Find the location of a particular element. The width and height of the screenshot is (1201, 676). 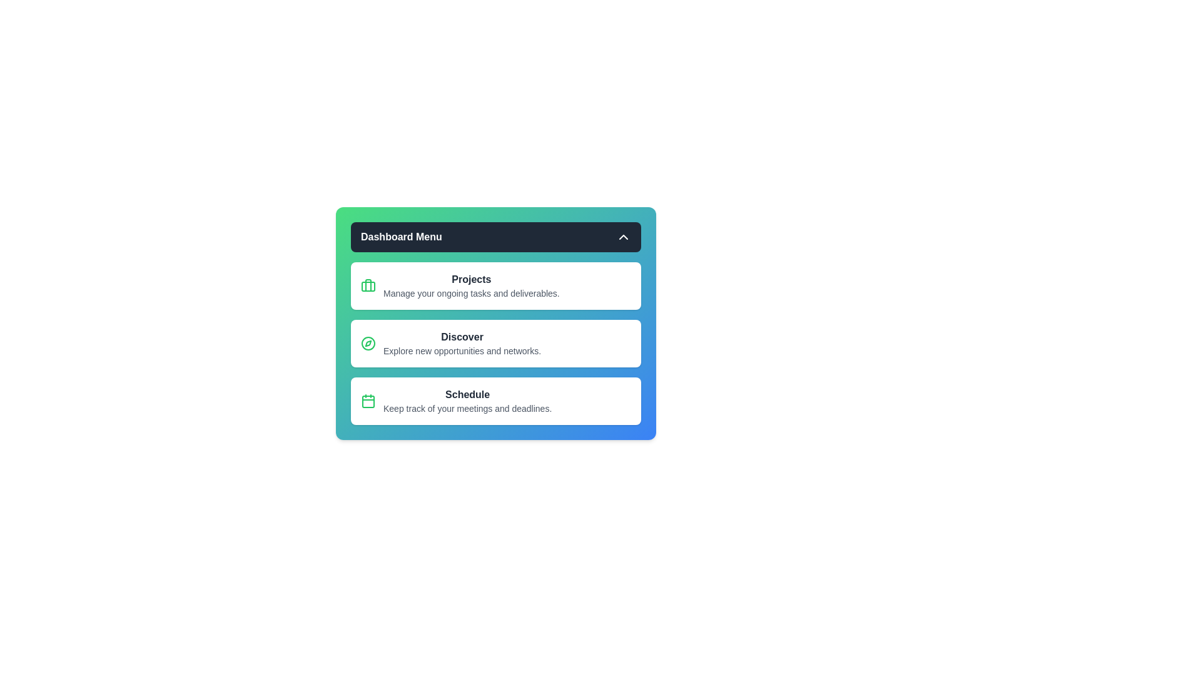

the menu item Schedule to observe its hover effect is located at coordinates (495, 401).